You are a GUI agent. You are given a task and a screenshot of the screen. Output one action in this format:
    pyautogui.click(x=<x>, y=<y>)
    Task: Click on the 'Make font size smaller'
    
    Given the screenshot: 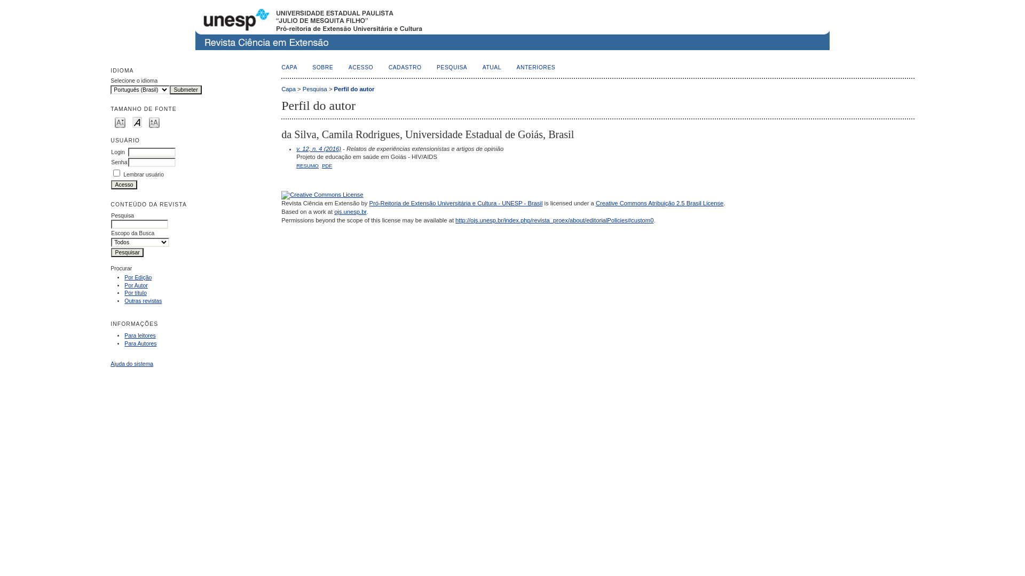 What is the action you would take?
    pyautogui.click(x=120, y=121)
    